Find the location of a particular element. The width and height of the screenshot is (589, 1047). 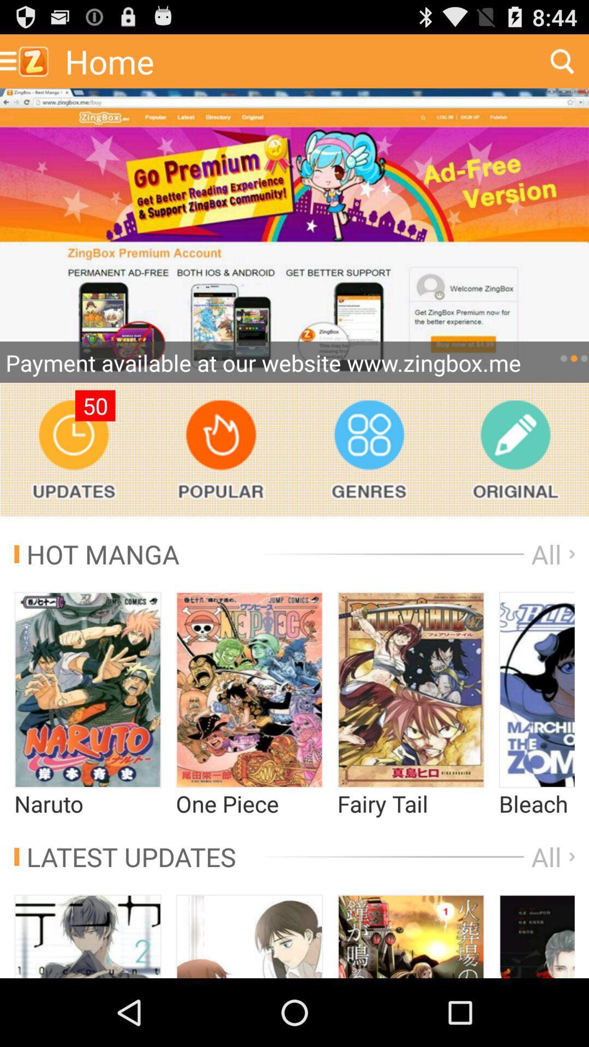

home is located at coordinates (296, 61).